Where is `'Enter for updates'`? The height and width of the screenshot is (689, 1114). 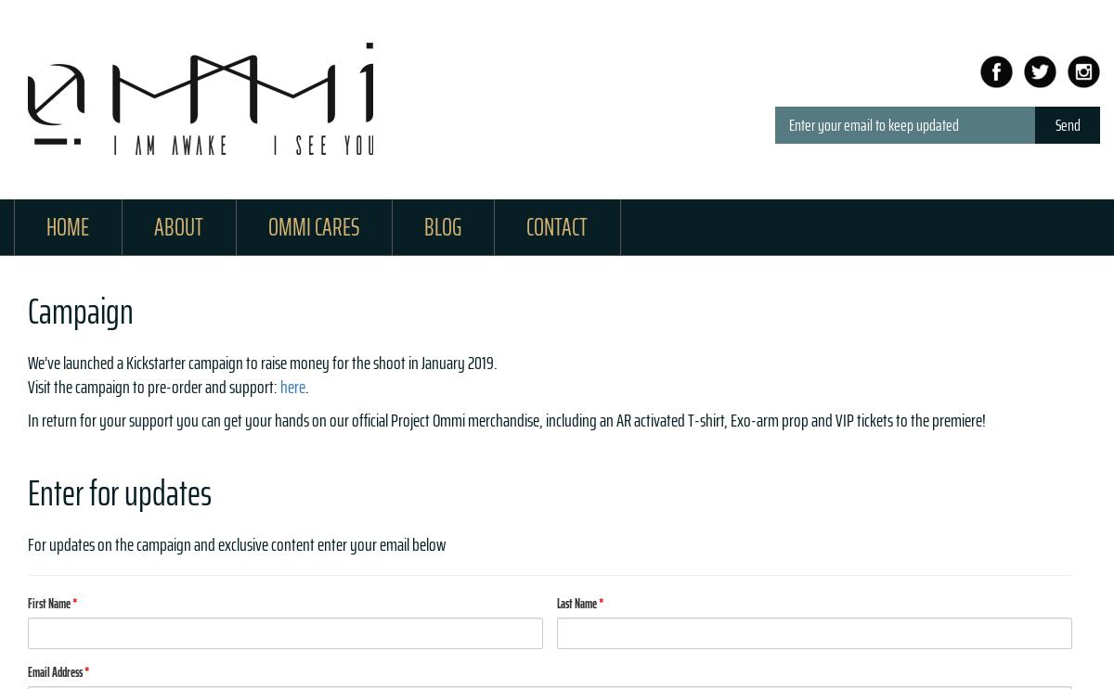 'Enter for updates' is located at coordinates (120, 492).